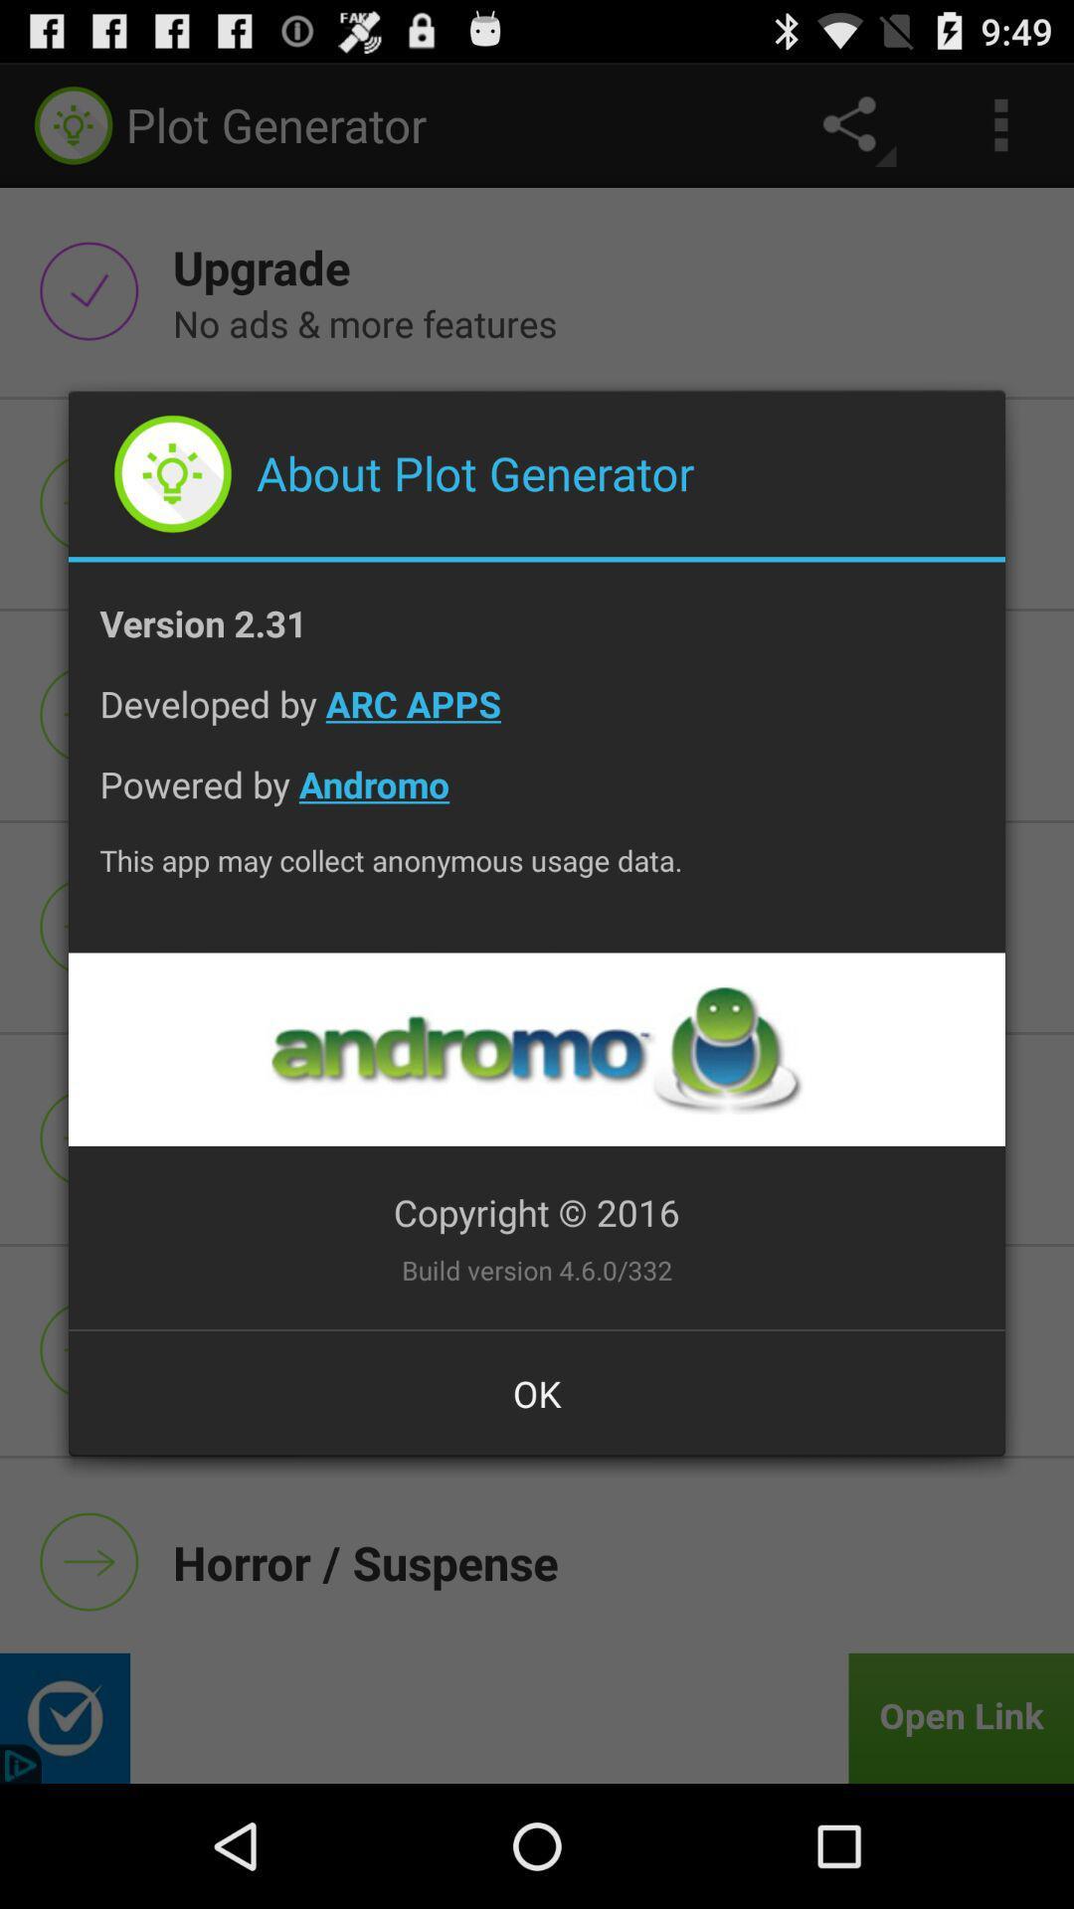  What do you see at coordinates (537, 718) in the screenshot?
I see `the developed by arc` at bounding box center [537, 718].